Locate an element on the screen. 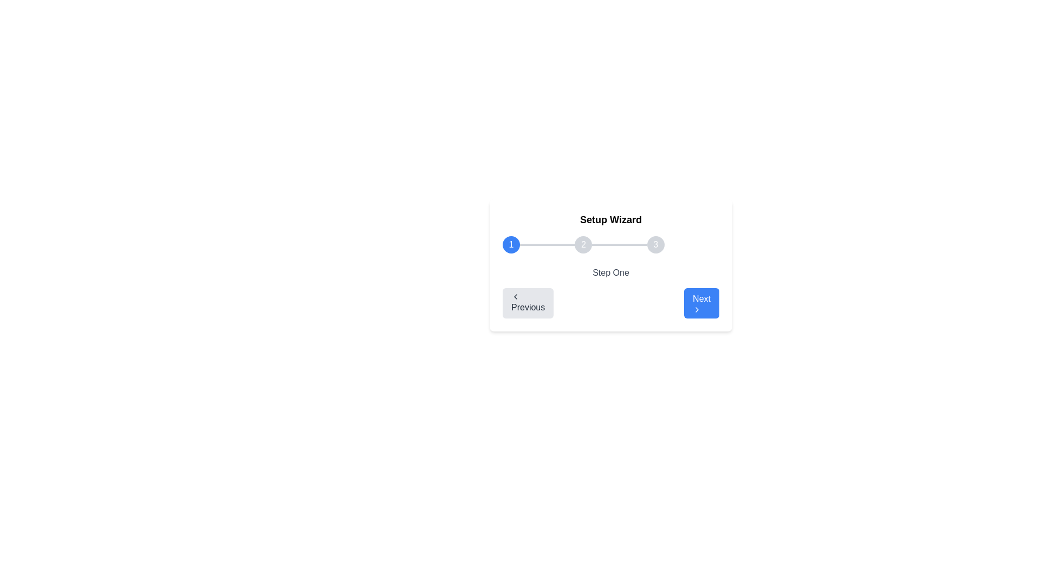 This screenshot has height=585, width=1040. the blue rectangular button labeled 'Next' with a right-pointing chevron icon to proceed to the next step is located at coordinates (701, 303).